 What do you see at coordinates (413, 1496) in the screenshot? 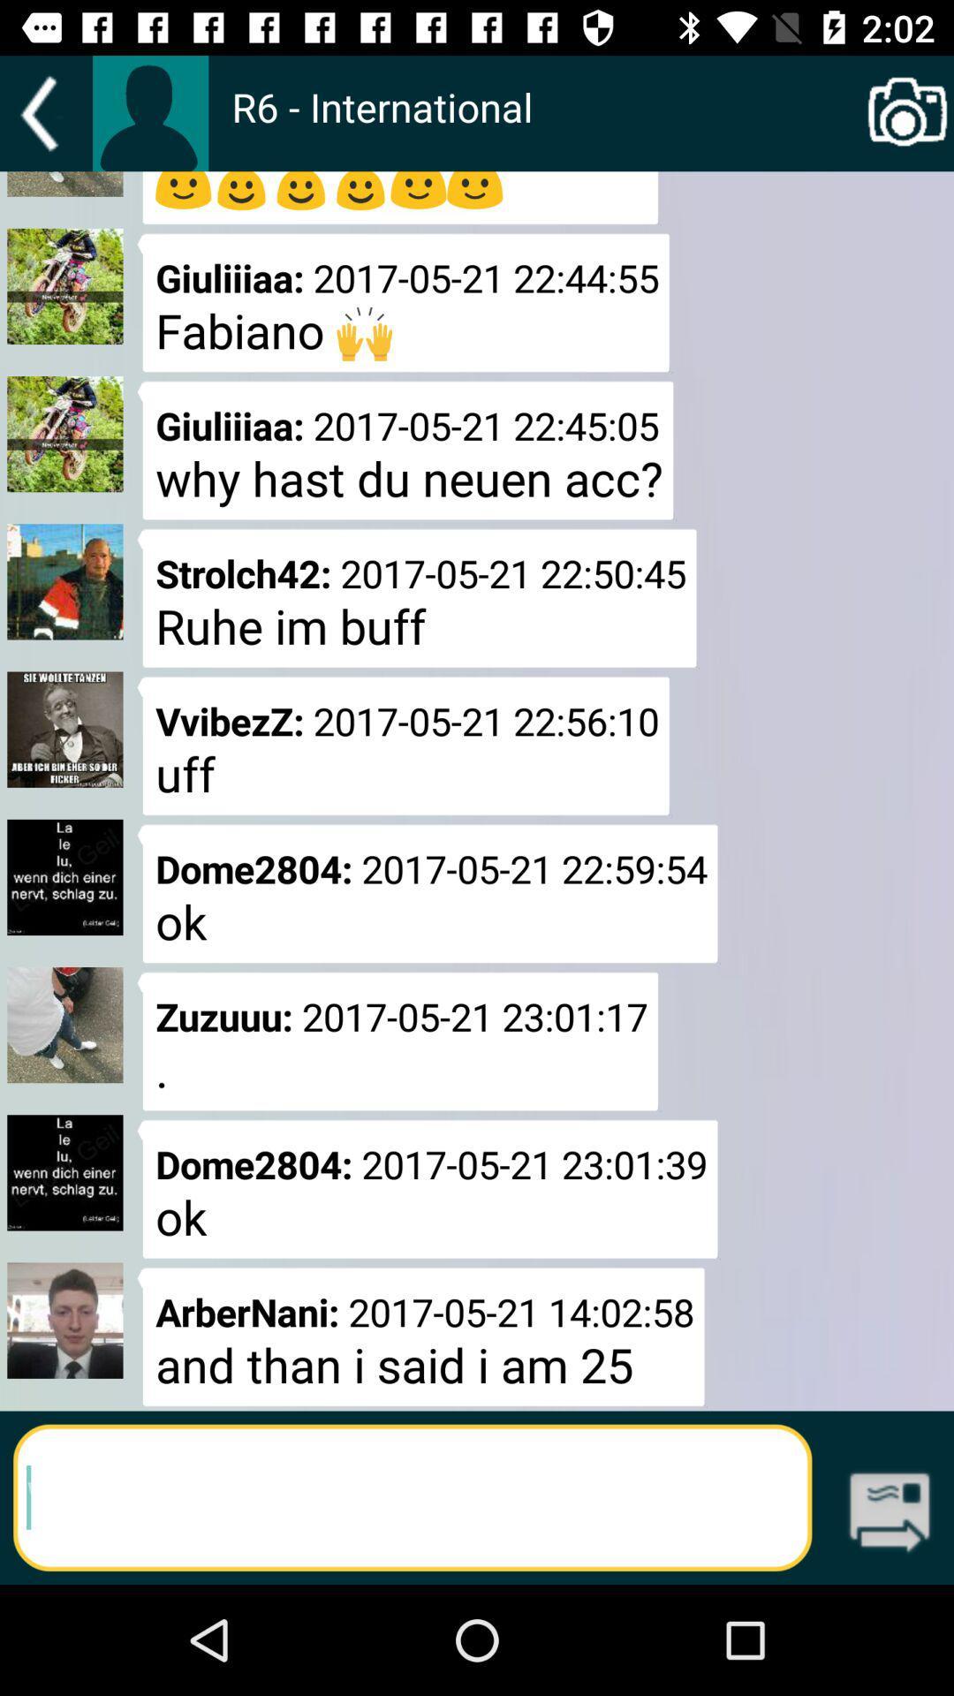
I see `the comment field` at bounding box center [413, 1496].